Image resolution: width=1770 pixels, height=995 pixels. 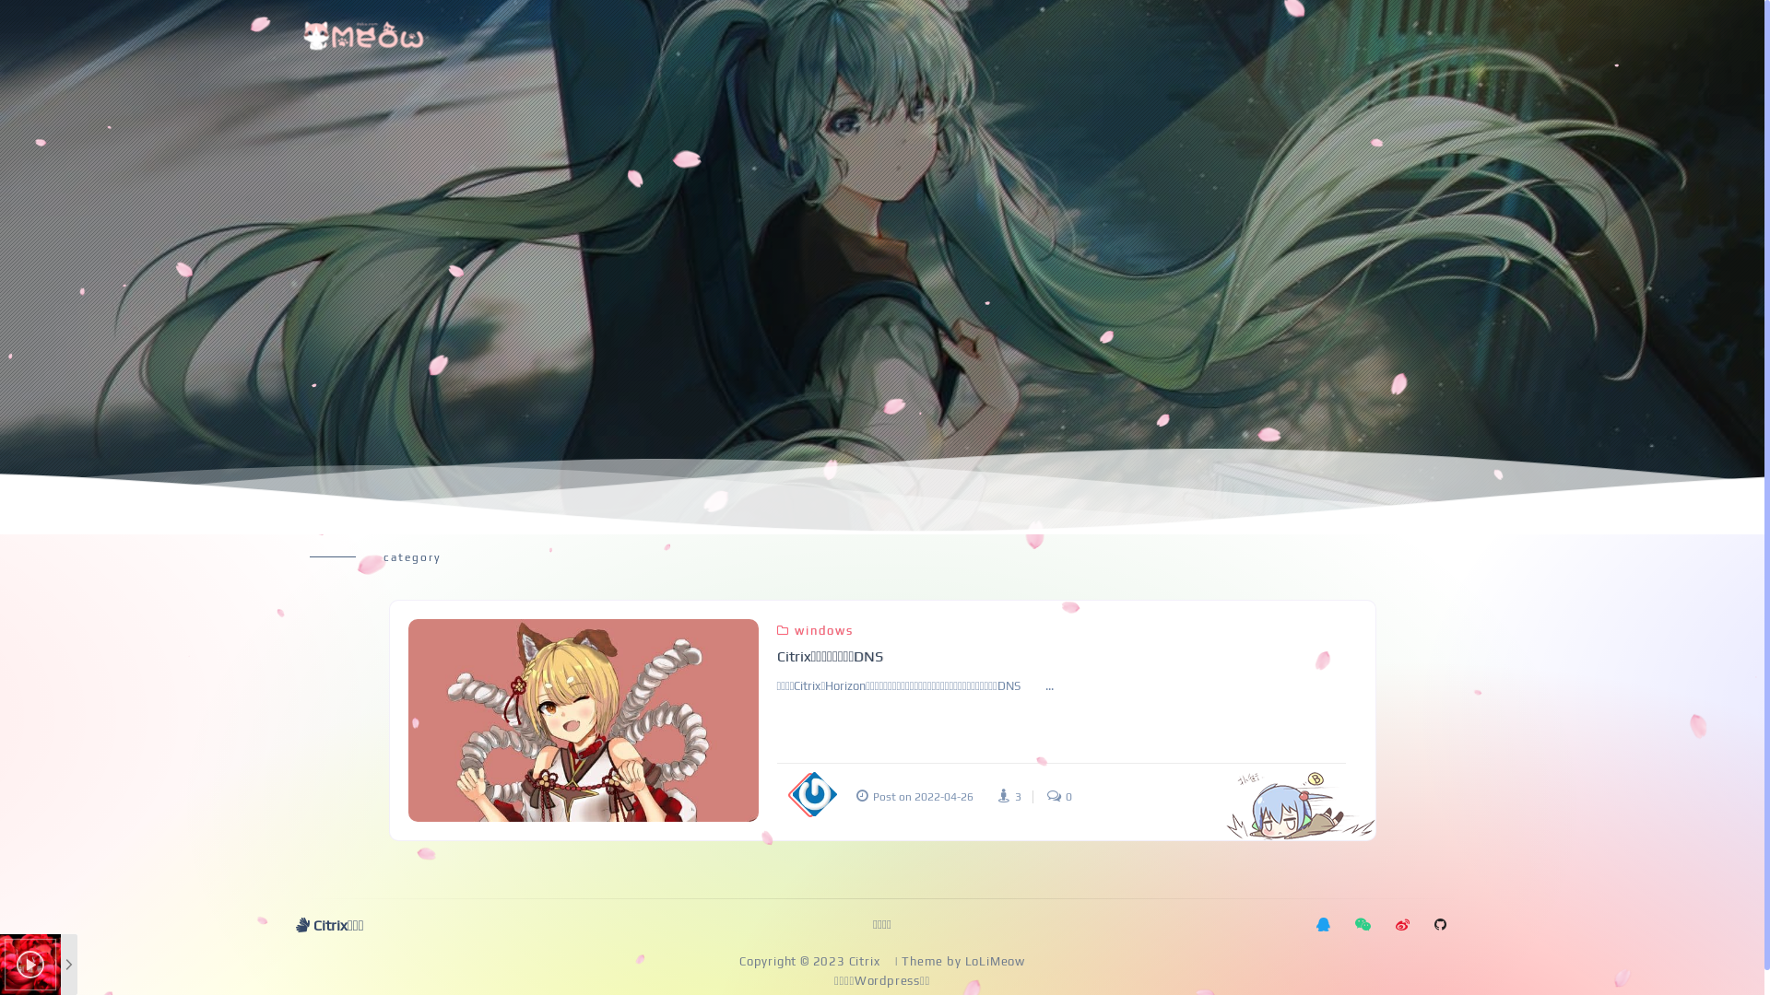 I want to click on 'windows', so click(x=775, y=629).